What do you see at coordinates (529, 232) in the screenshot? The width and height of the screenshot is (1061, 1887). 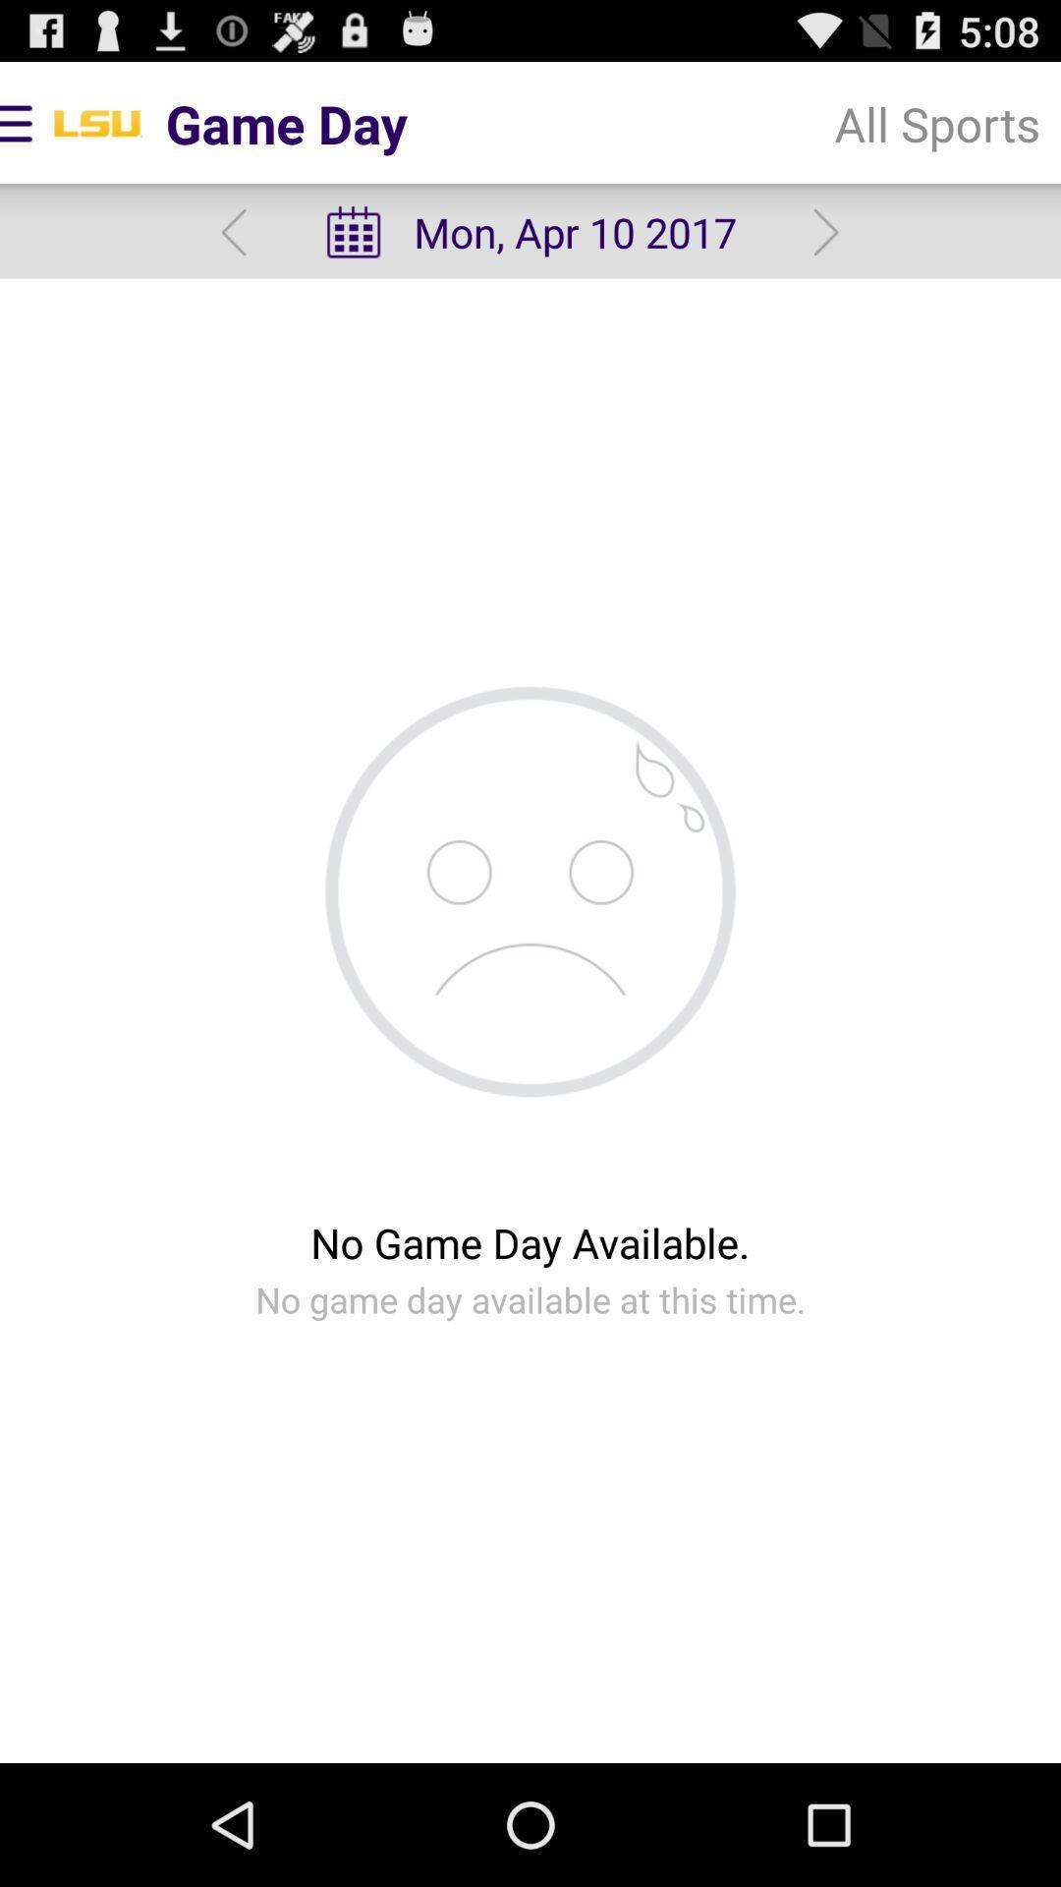 I see `the item below the game day item` at bounding box center [529, 232].